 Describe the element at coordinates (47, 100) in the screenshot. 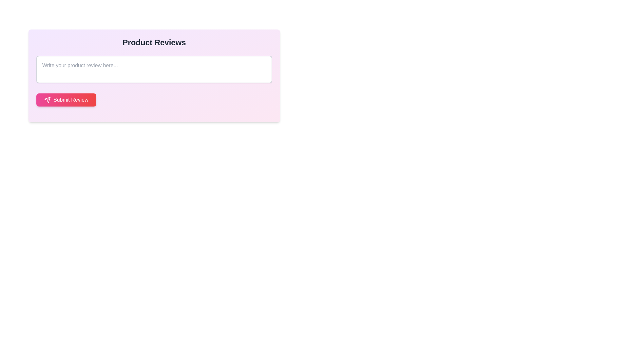

I see `the send icon element, which is a triangular shape resembling an arrow, located in the top-left portion of the icon within the SVG graphic` at that location.